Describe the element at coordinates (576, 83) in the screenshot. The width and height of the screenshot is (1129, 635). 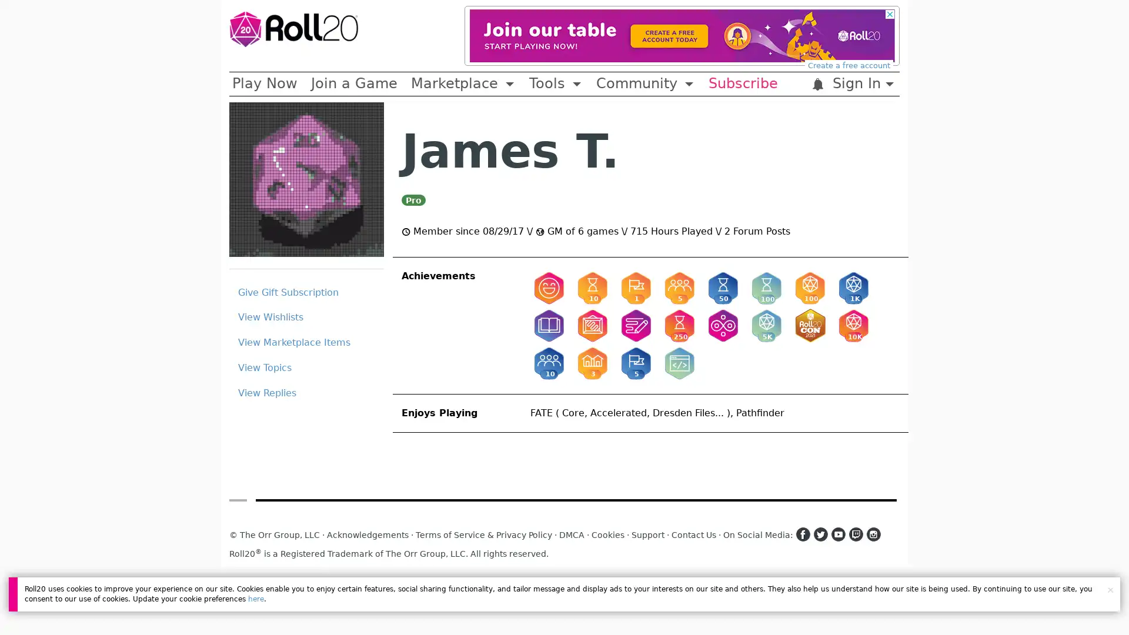
I see `Toggle Dropdown` at that location.